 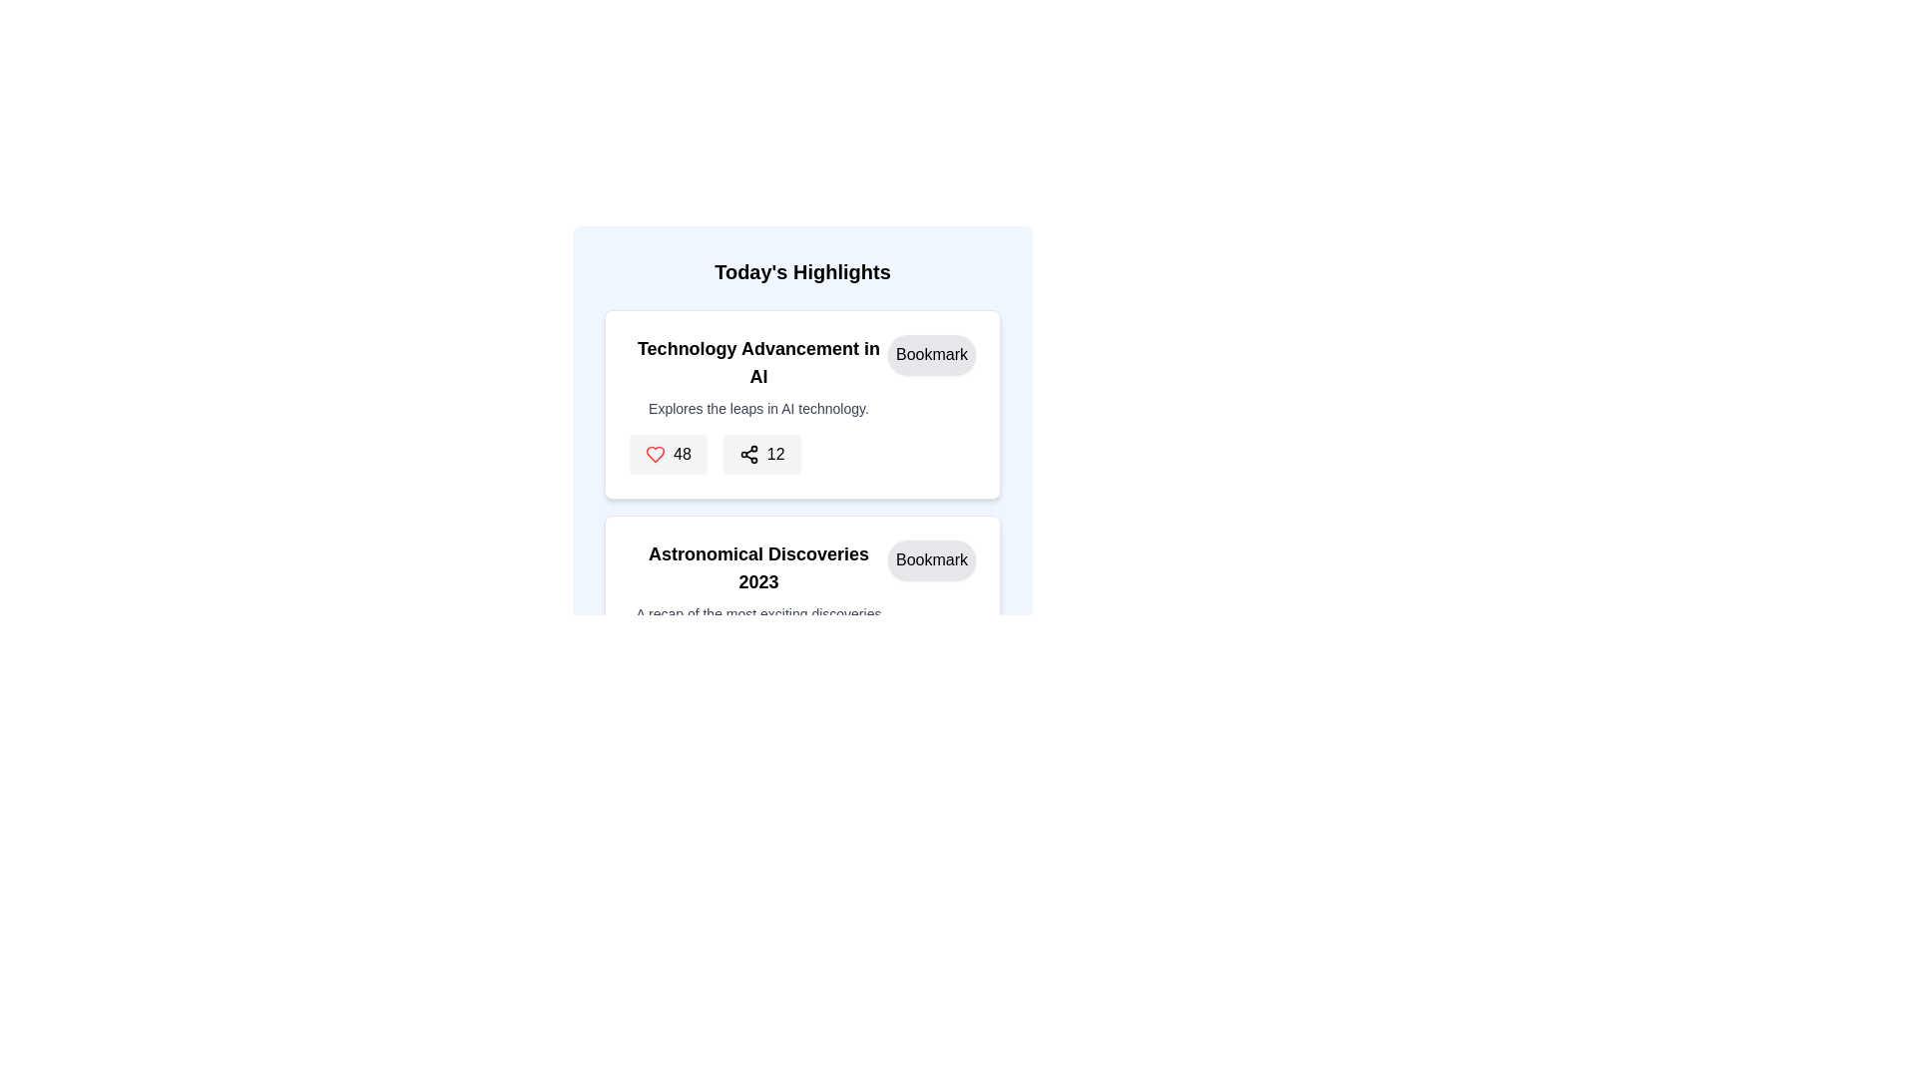 What do you see at coordinates (757, 407) in the screenshot?
I see `text label displaying 'Explores the leaps in AI technology.' which is located below the 'Technology Advancement in AI' title in the 'Today's Highlights' section` at bounding box center [757, 407].